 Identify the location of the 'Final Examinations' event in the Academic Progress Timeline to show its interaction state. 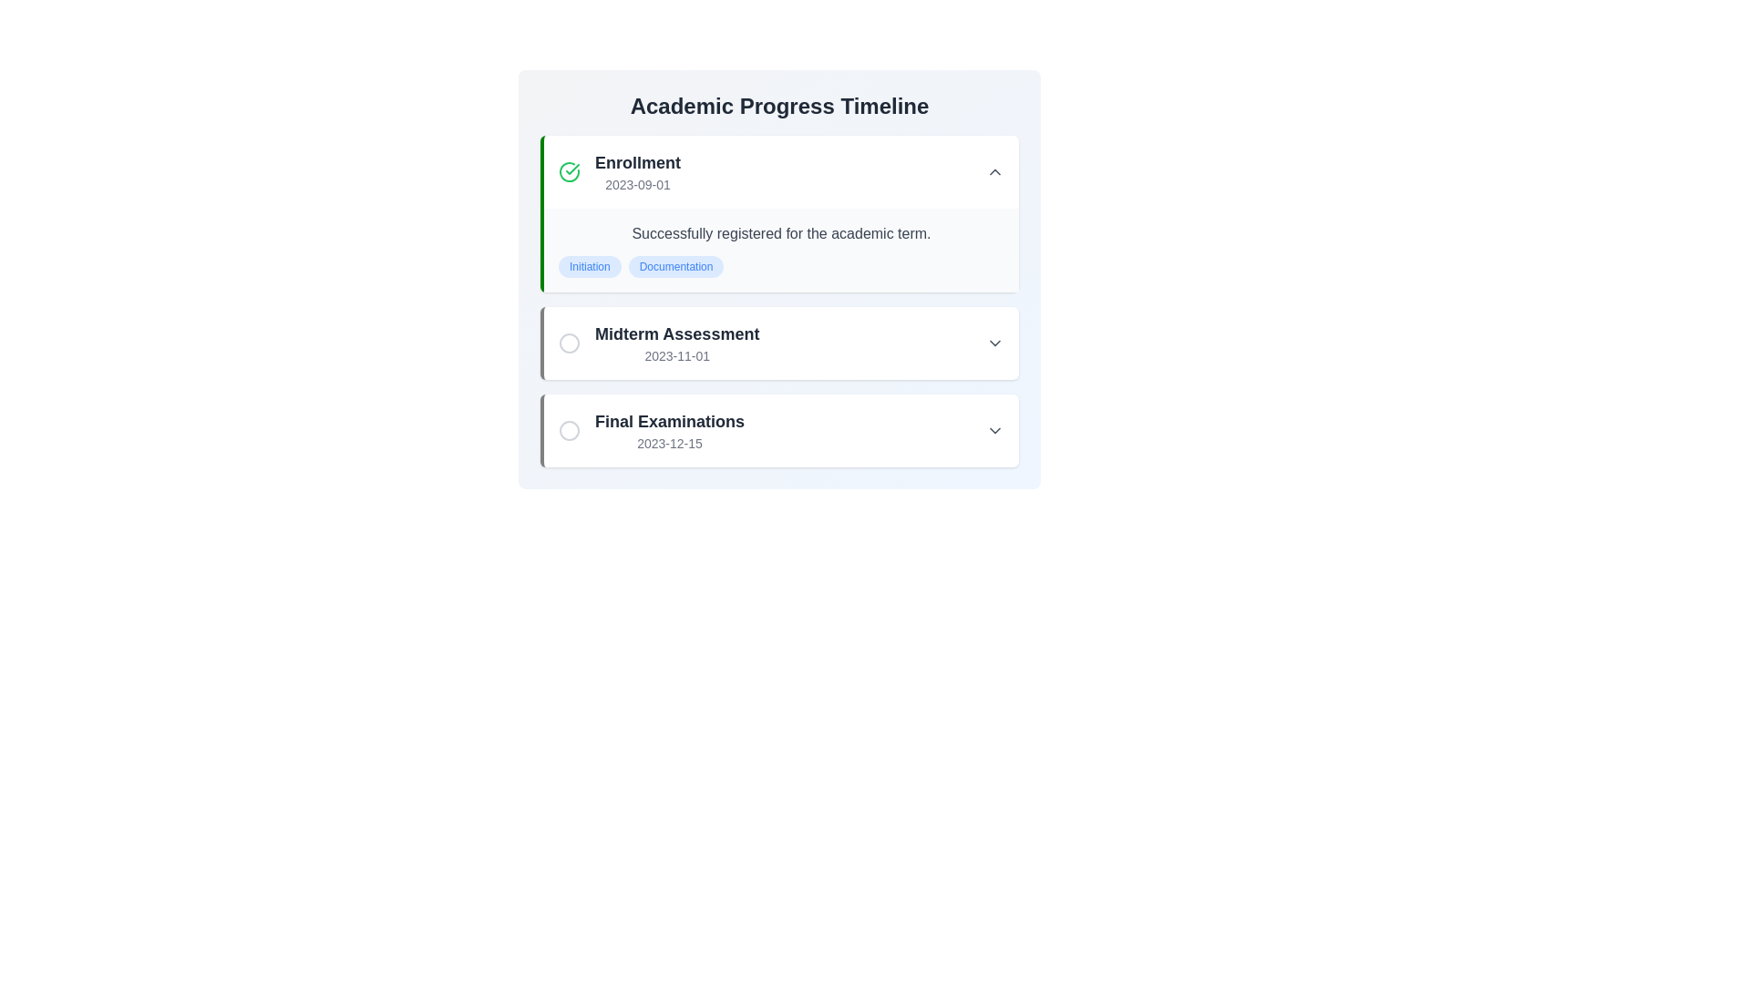
(781, 431).